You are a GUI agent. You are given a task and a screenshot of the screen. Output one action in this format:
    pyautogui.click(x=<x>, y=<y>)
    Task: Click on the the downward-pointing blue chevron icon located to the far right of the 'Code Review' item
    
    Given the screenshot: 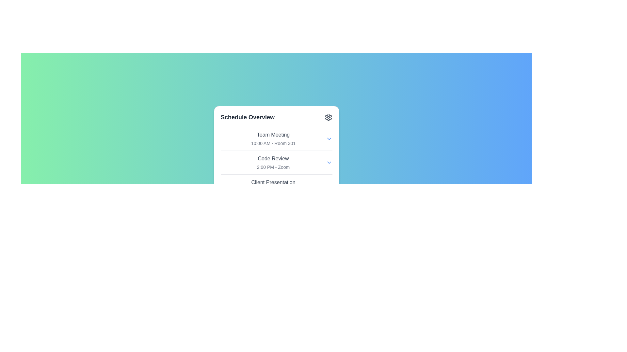 What is the action you would take?
    pyautogui.click(x=329, y=162)
    